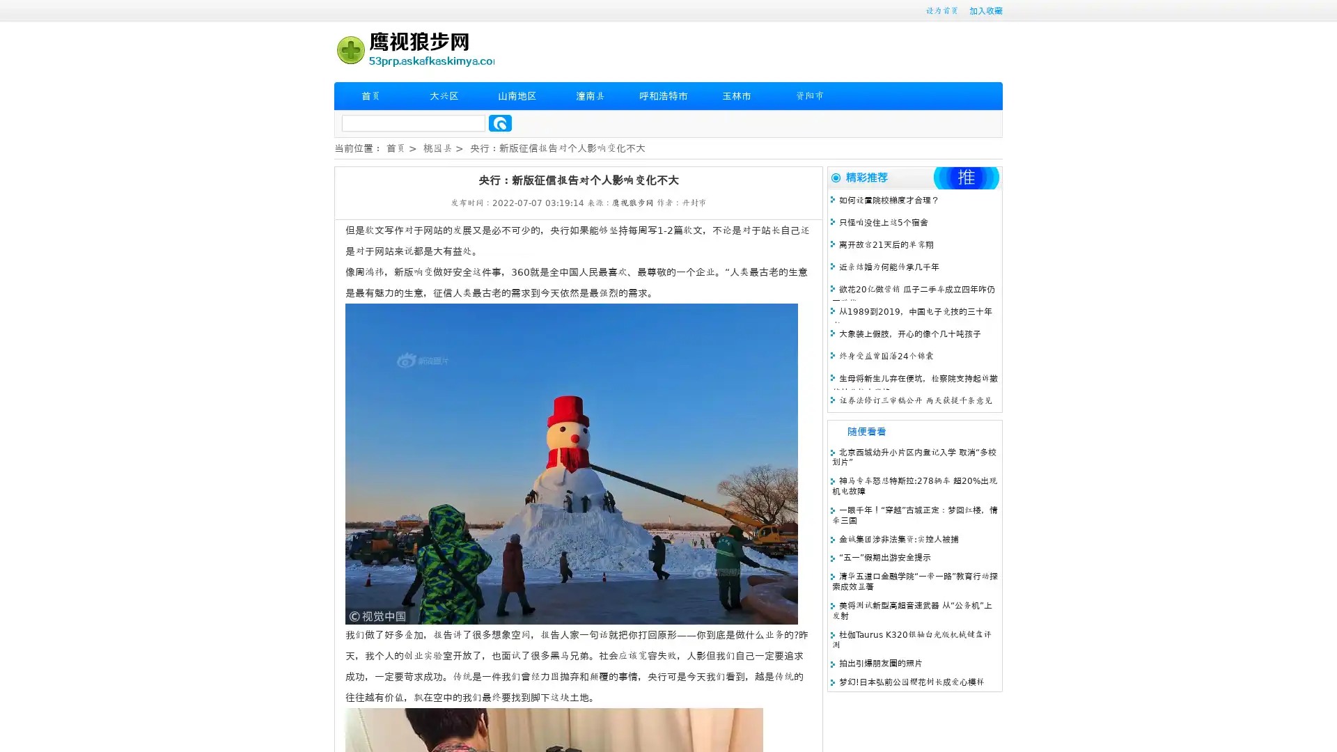 The width and height of the screenshot is (1337, 752). What do you see at coordinates (500, 123) in the screenshot?
I see `Search` at bounding box center [500, 123].